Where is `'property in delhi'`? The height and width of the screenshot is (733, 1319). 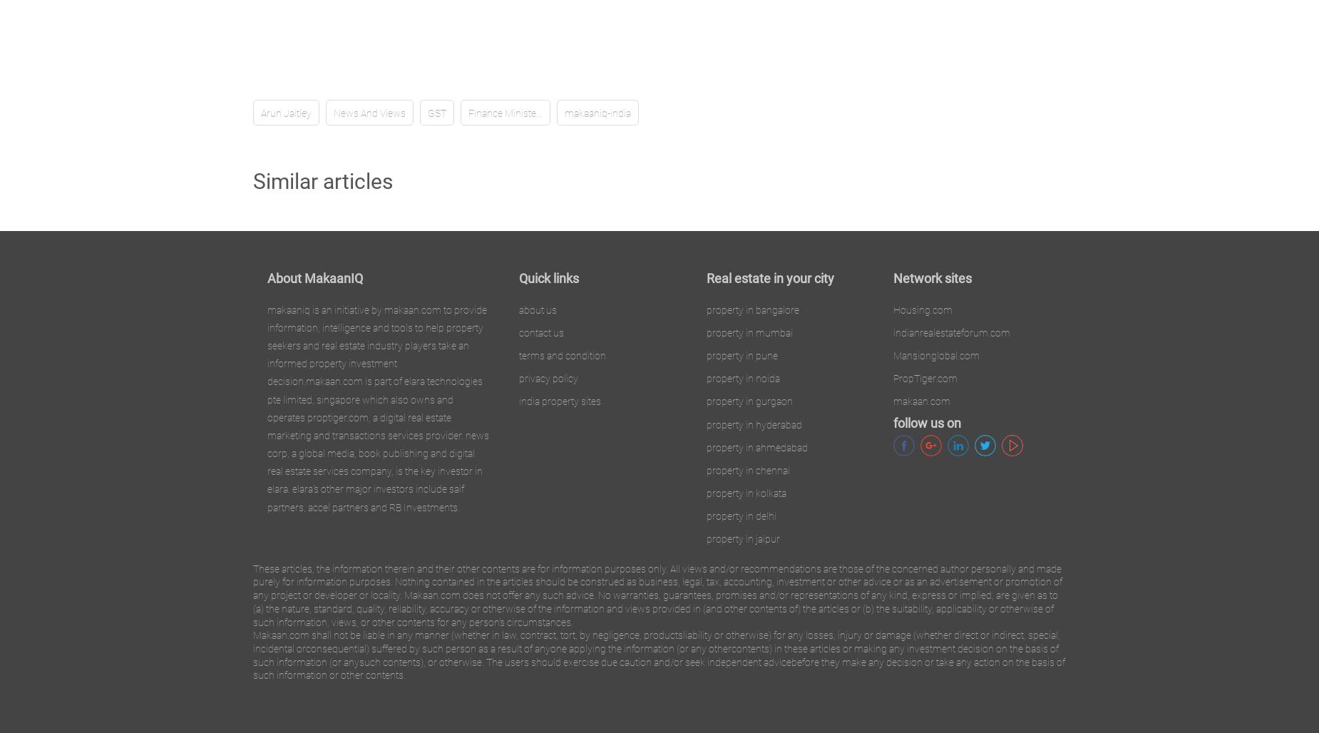 'property in delhi' is located at coordinates (704, 516).